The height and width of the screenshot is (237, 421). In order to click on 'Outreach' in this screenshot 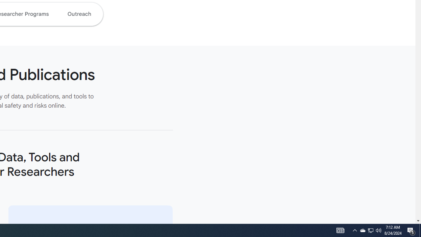, I will do `click(79, 14)`.